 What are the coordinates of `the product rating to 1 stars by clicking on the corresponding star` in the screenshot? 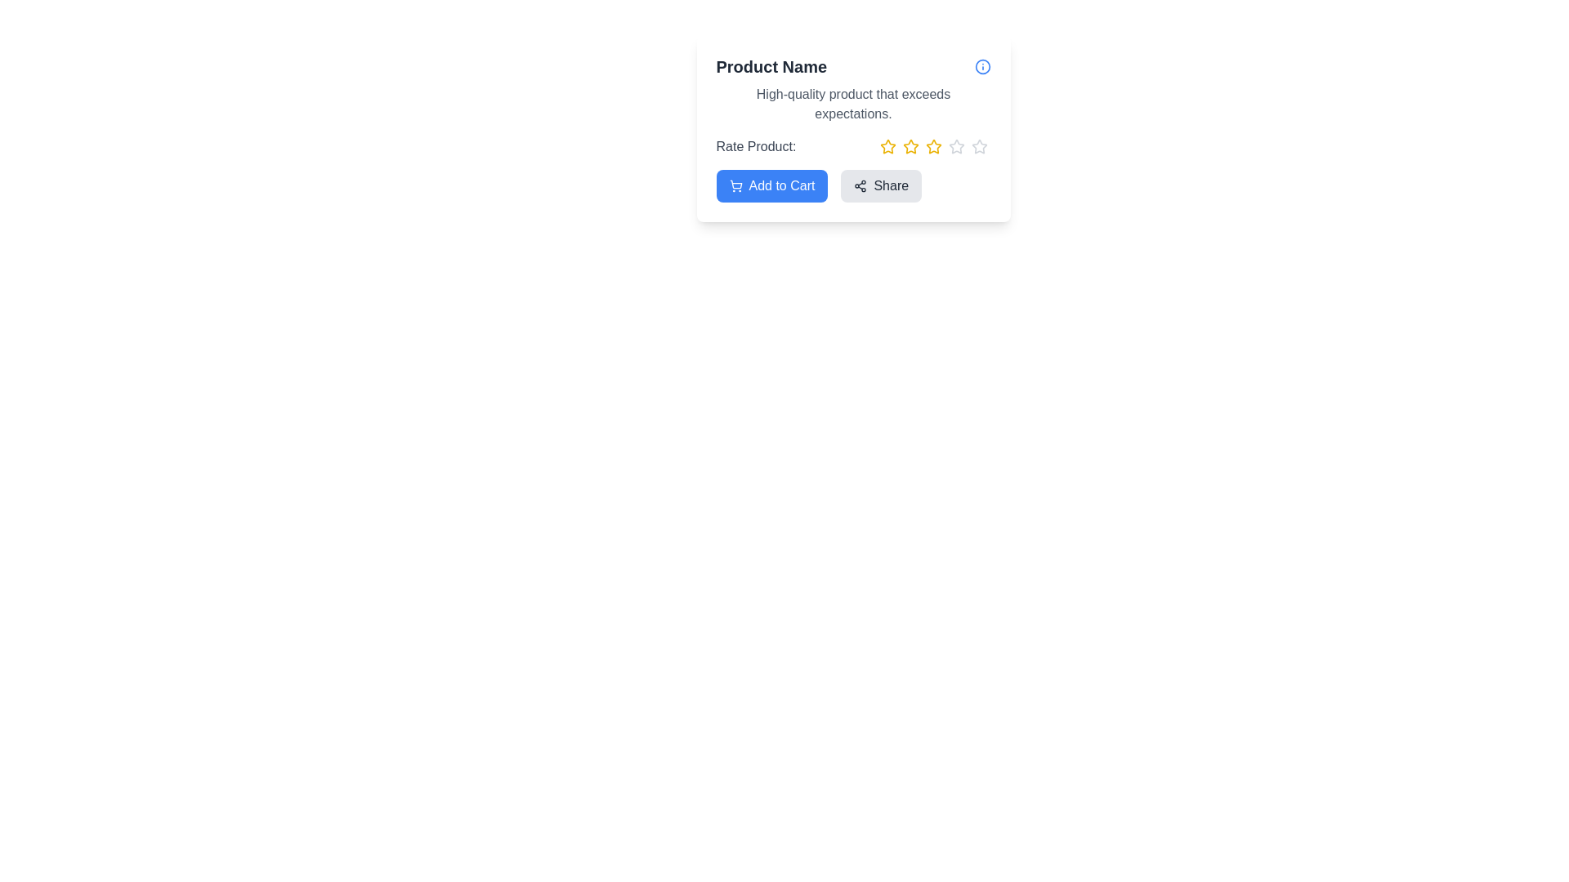 It's located at (887, 147).